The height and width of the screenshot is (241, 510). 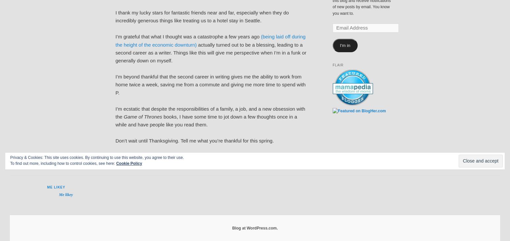 I want to click on 'I’m ecstatic that despite the responsibilities of a family, a job, and a new obsession with the', so click(x=115, y=112).